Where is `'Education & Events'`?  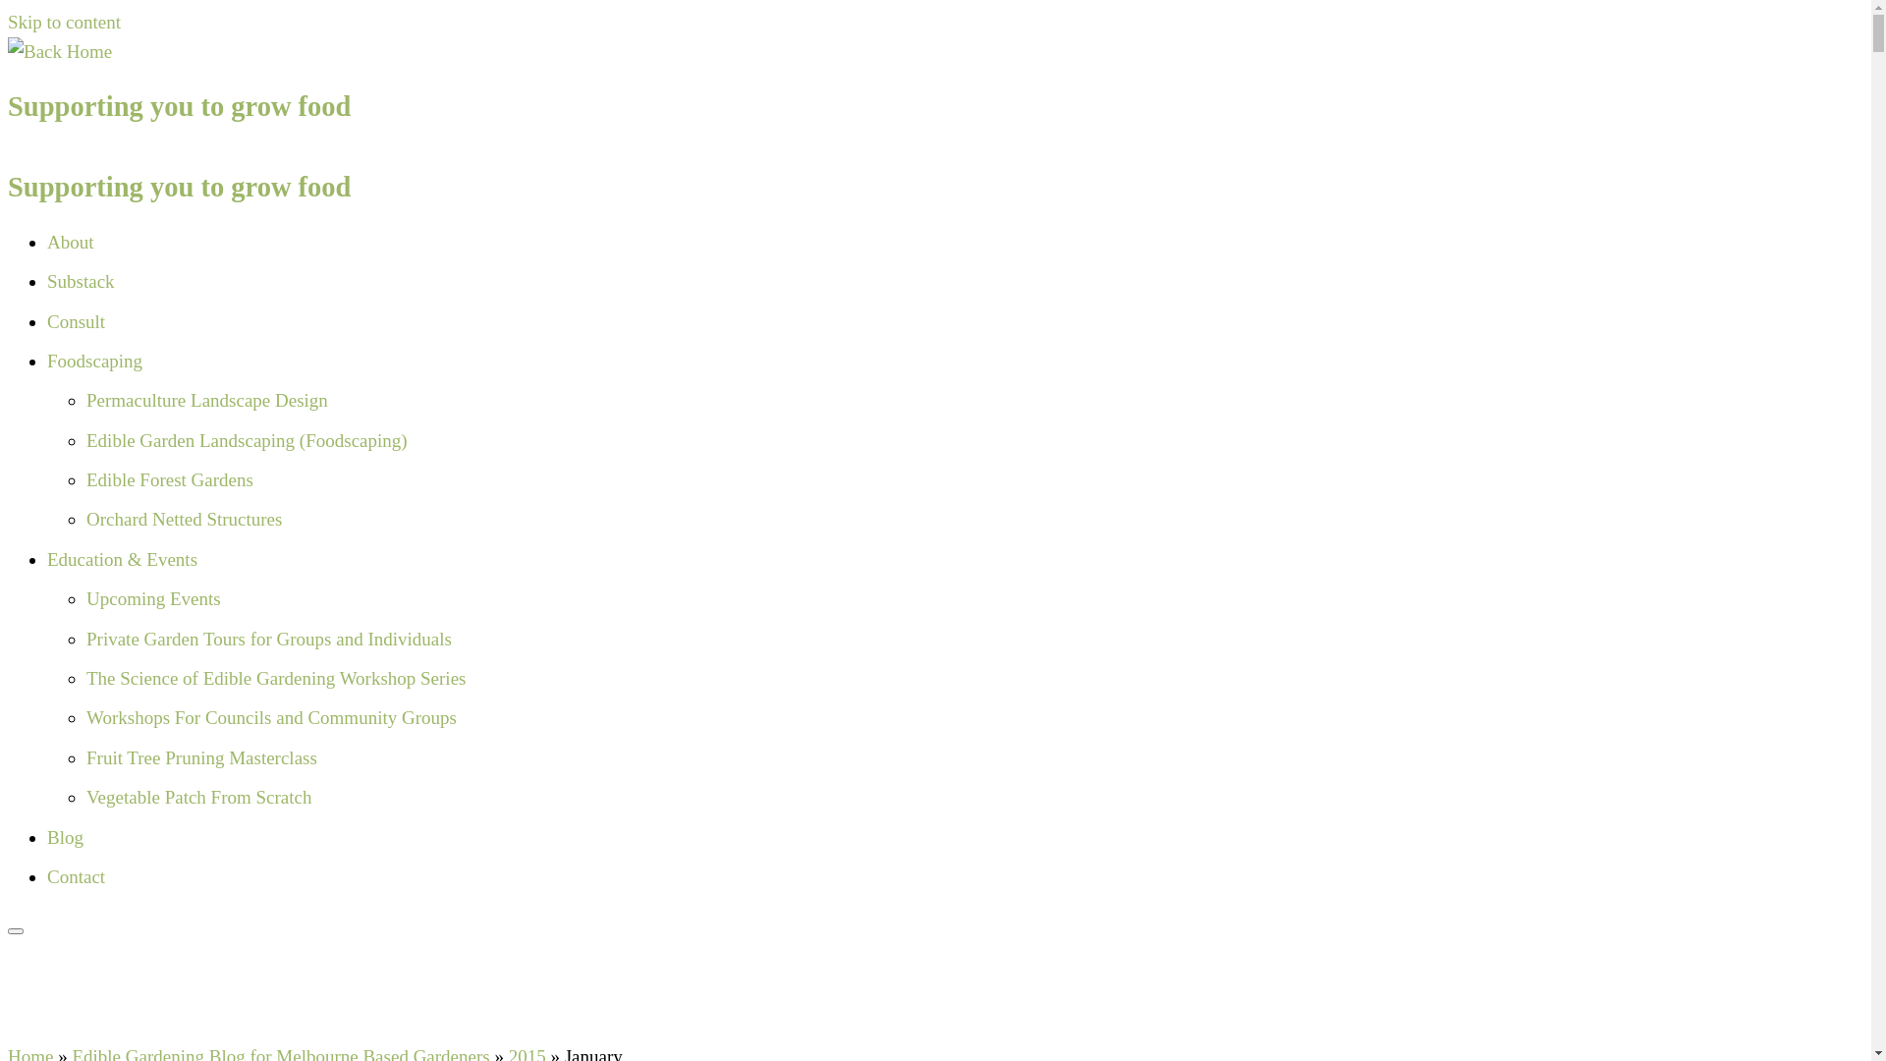
'Education & Events' is located at coordinates (47, 559).